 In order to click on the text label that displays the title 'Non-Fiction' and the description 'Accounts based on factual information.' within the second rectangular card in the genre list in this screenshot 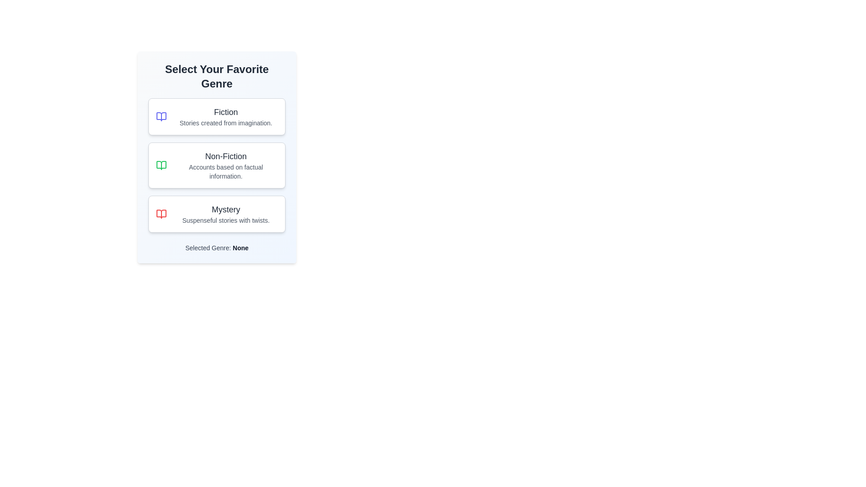, I will do `click(226, 165)`.